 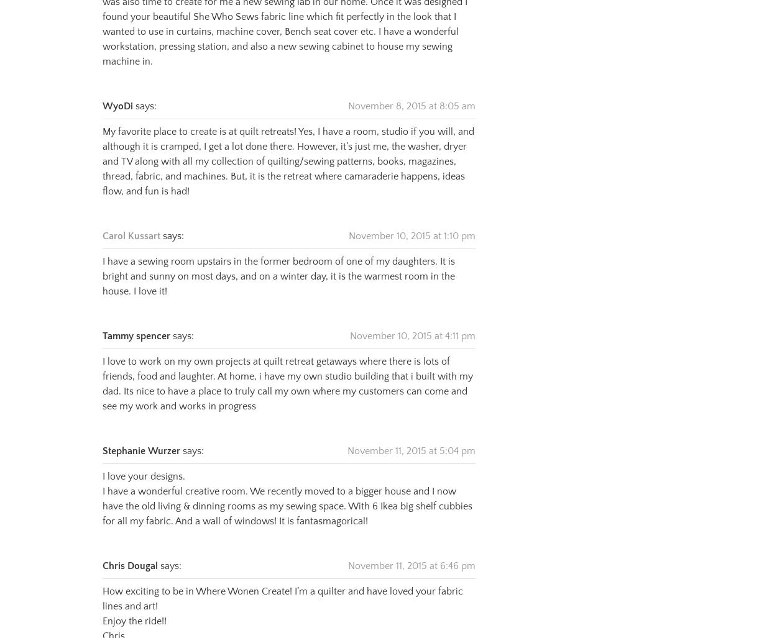 I want to click on 'My favorite place to create is at quilt retreats!  Yes, I have a room, studio if you will, and although it is cramped, I get a lot done there.  However, it’s just me, the washer, dryer and TV along with all my collection of quilting/sewing patterns, books, magazines, thread, fabric, and machines.  But, it is the retreat where camaraderie happens, ideas flow, and fun is had!', so click(x=287, y=145).